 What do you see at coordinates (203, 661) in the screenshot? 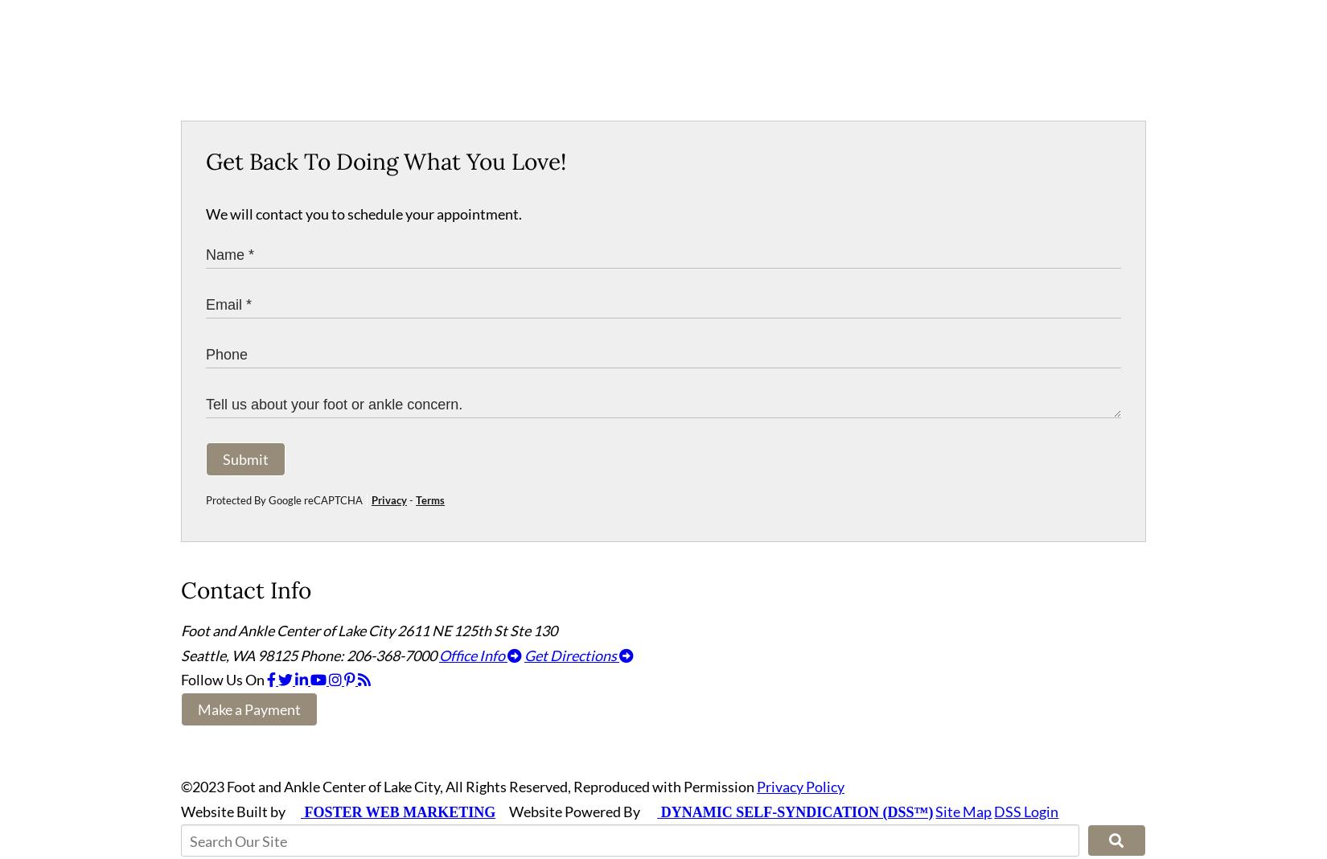
I see `'Seattle'` at bounding box center [203, 661].